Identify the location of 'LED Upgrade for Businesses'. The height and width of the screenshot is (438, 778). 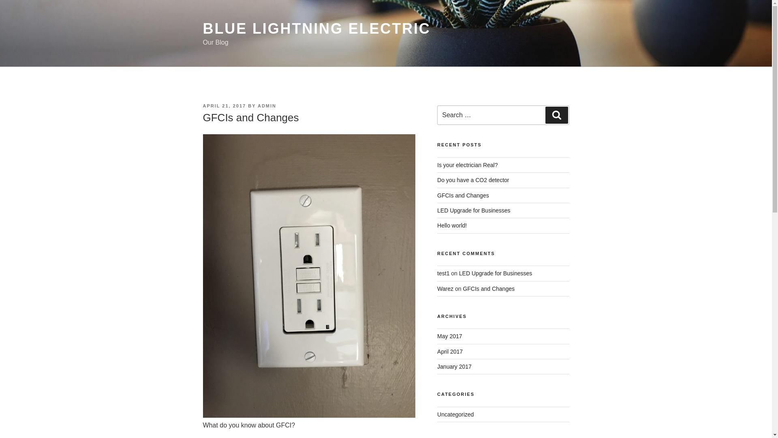
(495, 273).